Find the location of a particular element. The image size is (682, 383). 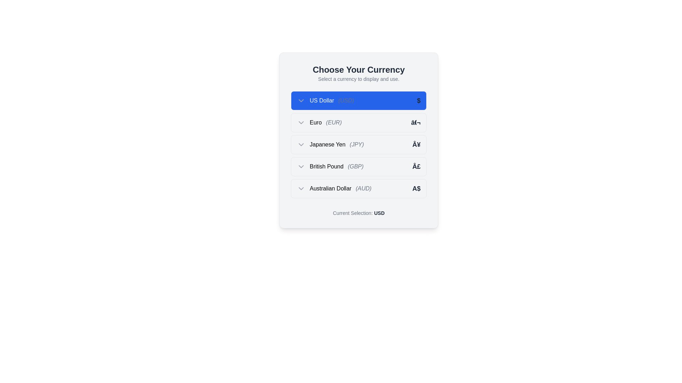

static text component that displays the header 'Choose Your Currency' and the subheader 'Select a currency to display and use.' is located at coordinates (358, 73).